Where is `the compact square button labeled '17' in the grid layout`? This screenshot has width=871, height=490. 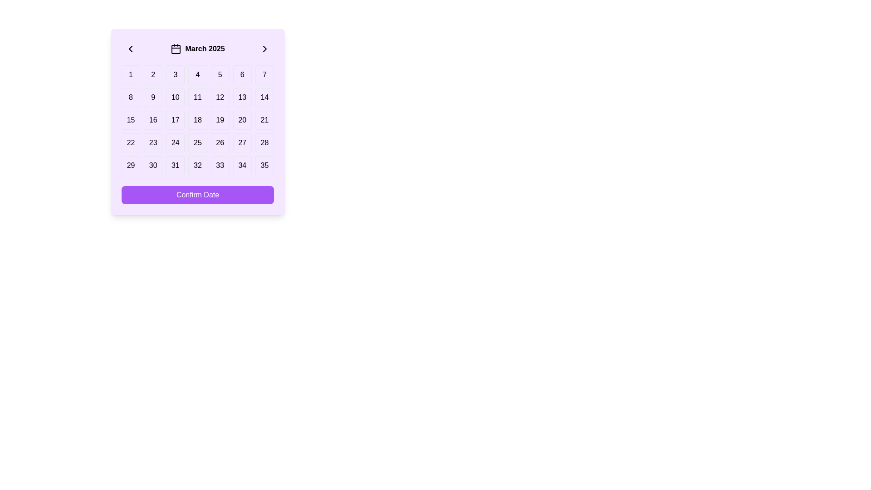 the compact square button labeled '17' in the grid layout is located at coordinates (175, 120).